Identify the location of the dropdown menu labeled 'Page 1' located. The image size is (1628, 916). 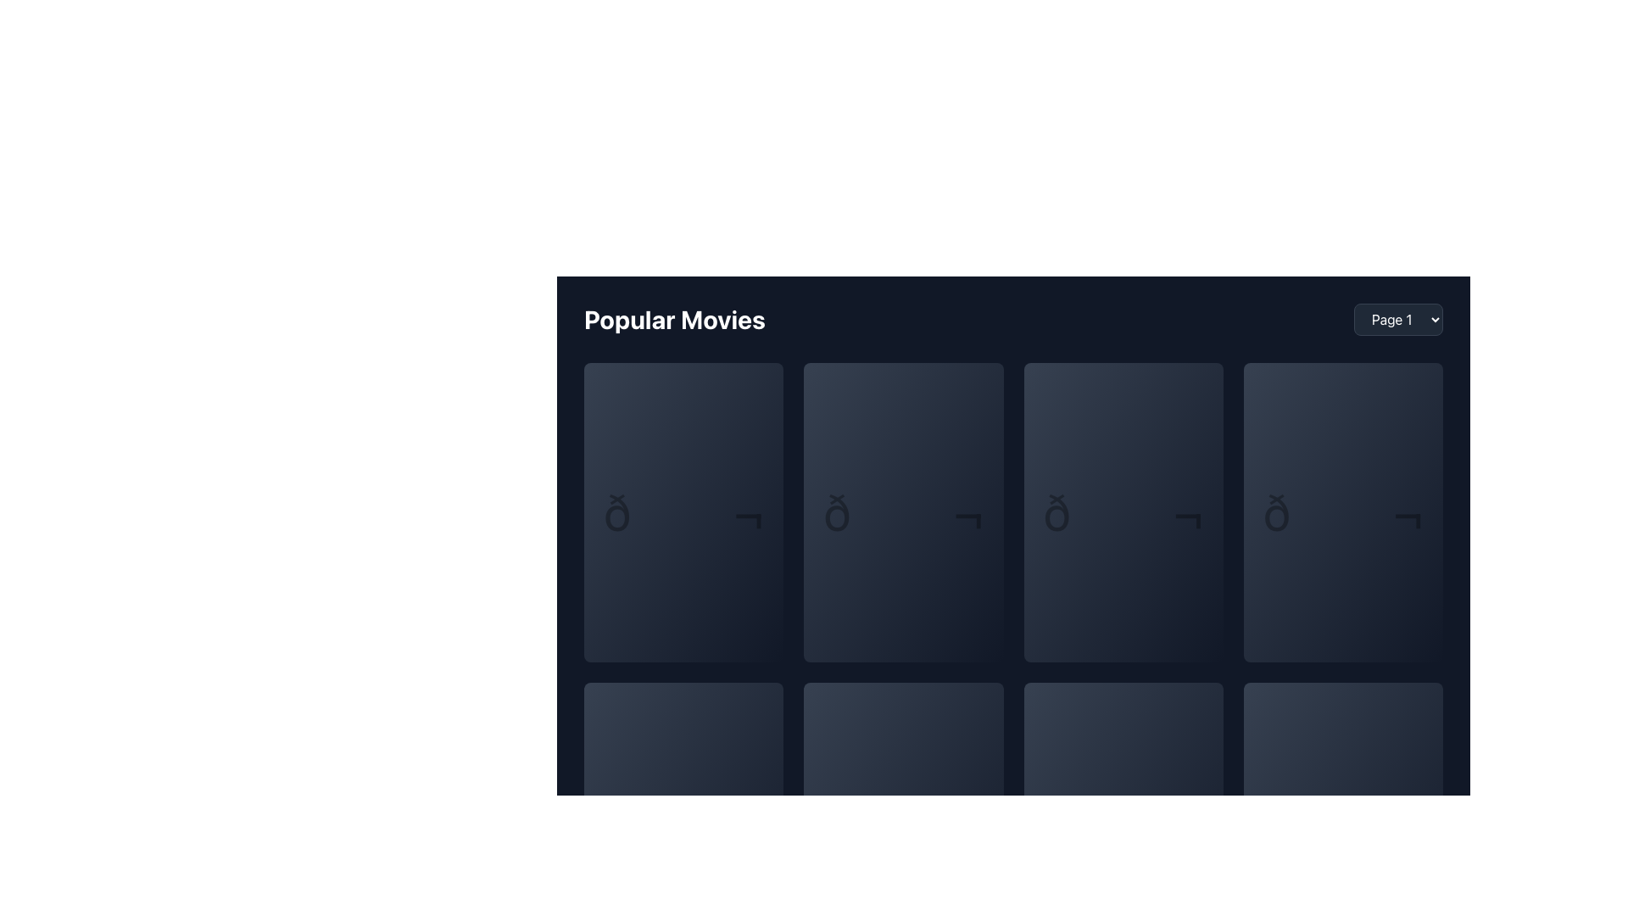
(1398, 320).